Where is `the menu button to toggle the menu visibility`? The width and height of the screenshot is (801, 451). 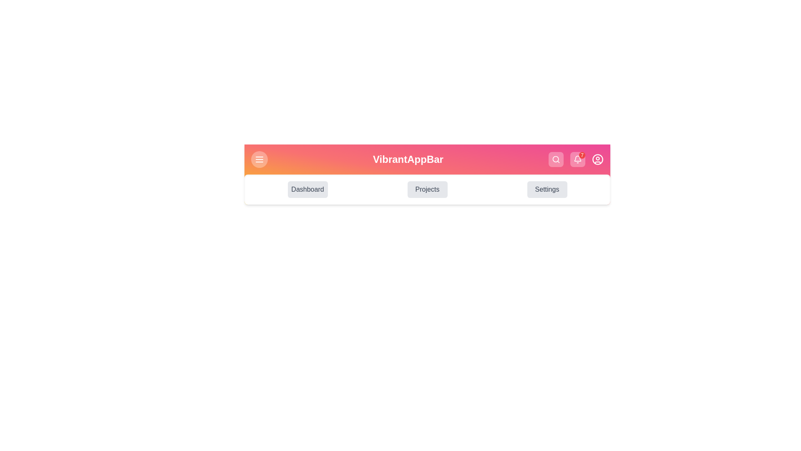
the menu button to toggle the menu visibility is located at coordinates (259, 159).